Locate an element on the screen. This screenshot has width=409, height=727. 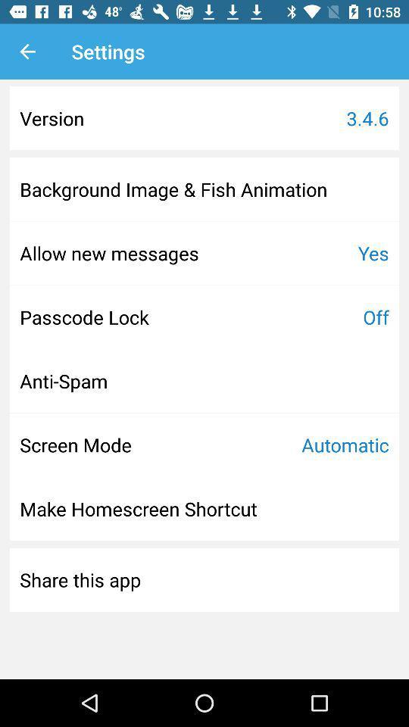
icon to the right of the version is located at coordinates (367, 117).